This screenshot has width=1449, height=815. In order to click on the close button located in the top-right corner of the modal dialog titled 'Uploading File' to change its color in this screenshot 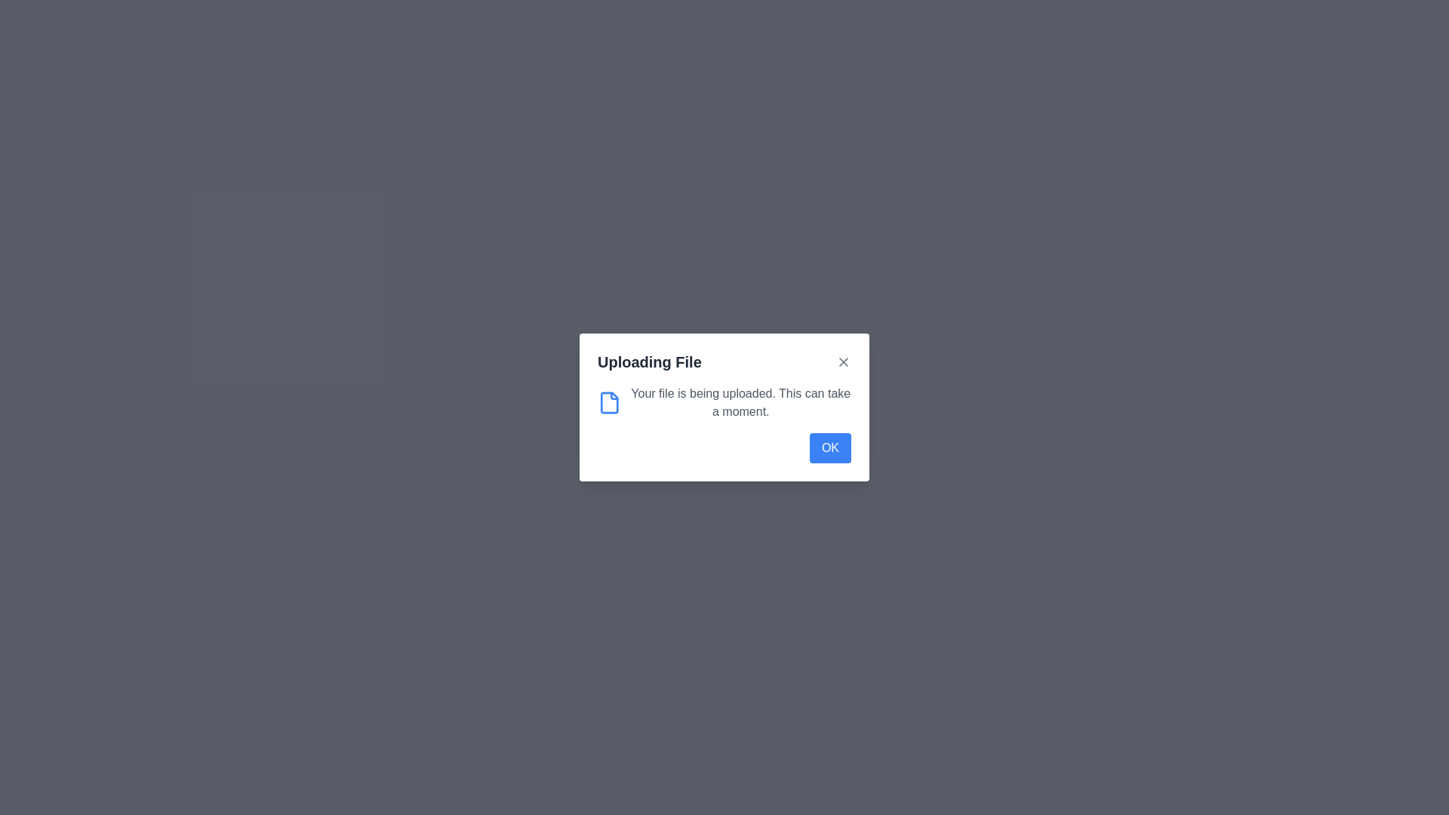, I will do `click(843, 361)`.